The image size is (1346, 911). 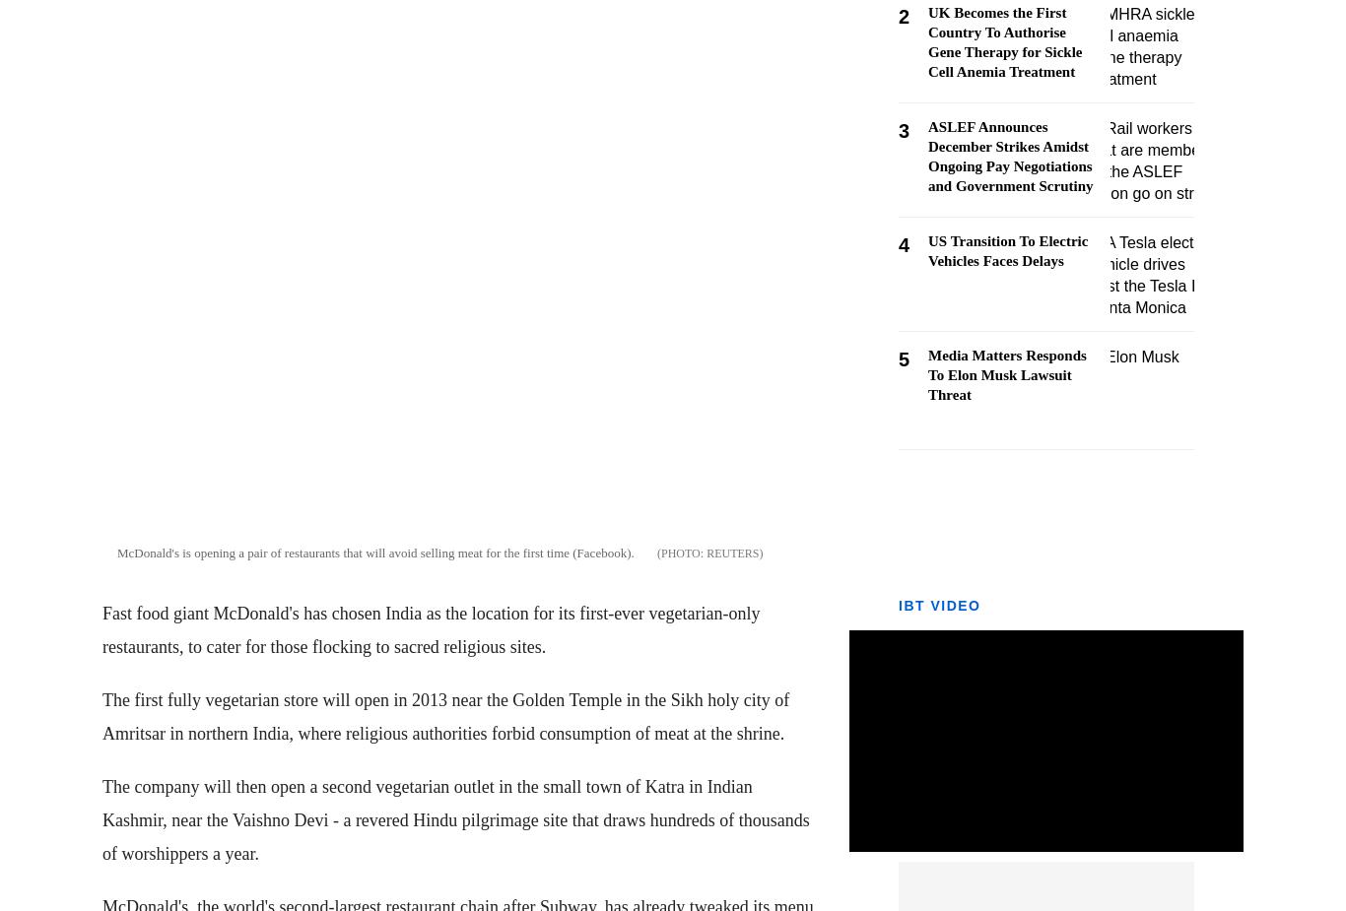 I want to click on '2', so click(x=904, y=16).